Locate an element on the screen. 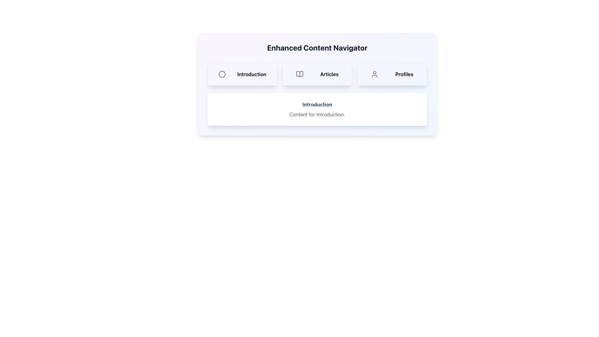 The image size is (599, 337). the 'Articles' text label in the navigation bar is located at coordinates (329, 74).